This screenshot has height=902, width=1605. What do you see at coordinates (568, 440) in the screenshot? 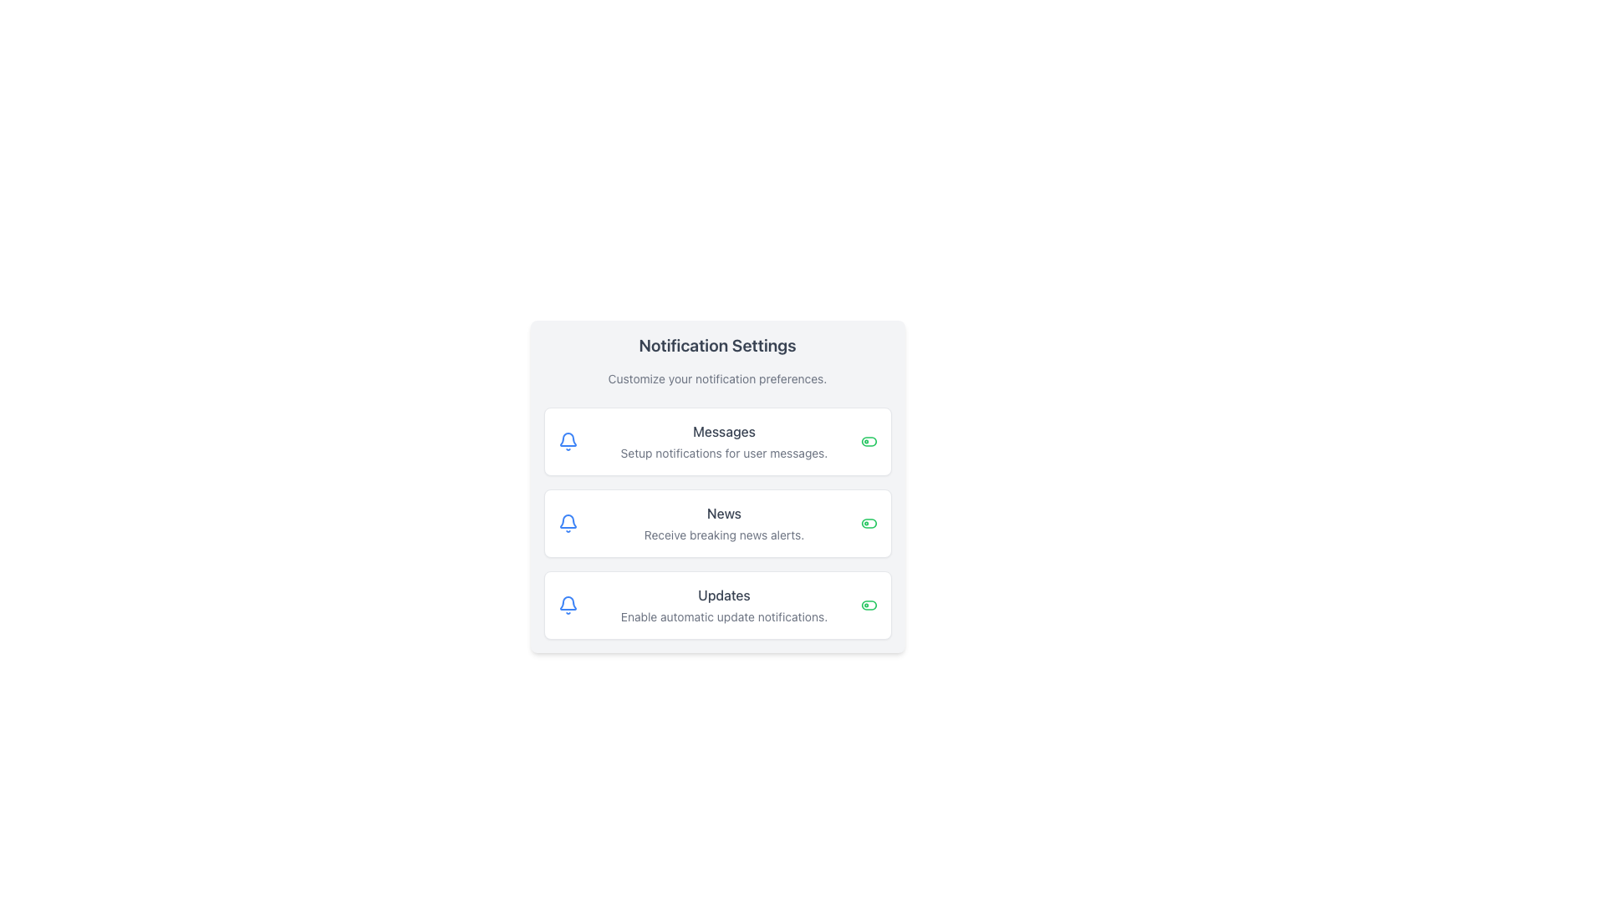
I see `the notification settings icon located at the left side of the 'Messages' card, adjacent to the text elements` at bounding box center [568, 440].